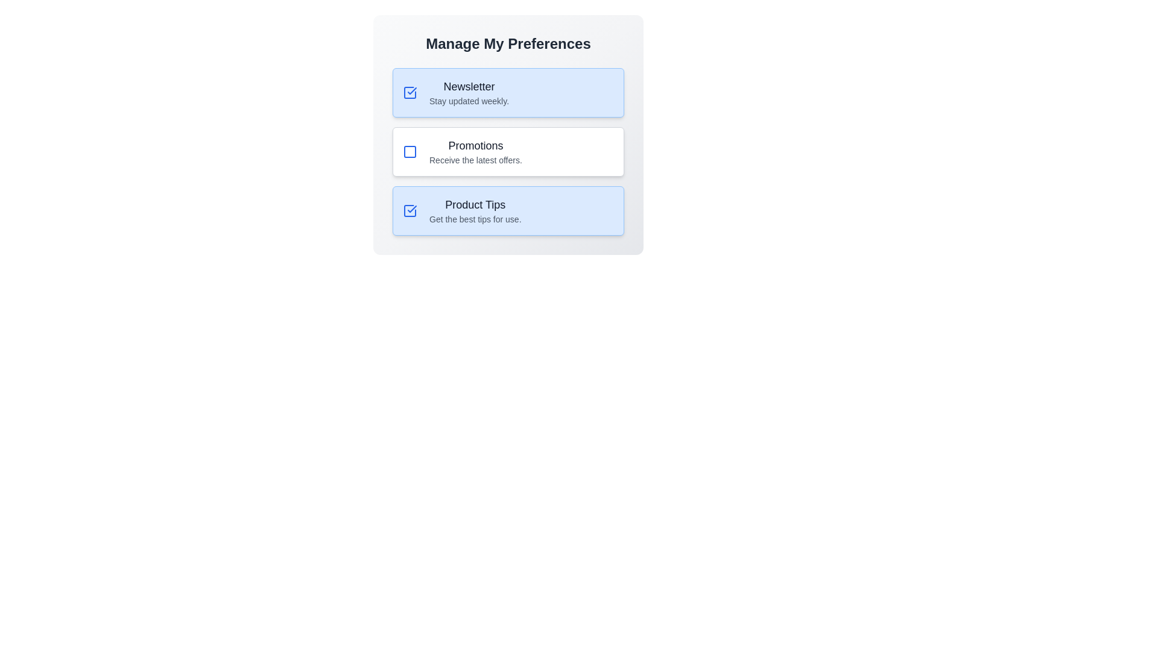  Describe the element at coordinates (410, 92) in the screenshot. I see `the Checkbox indicator icon` at that location.